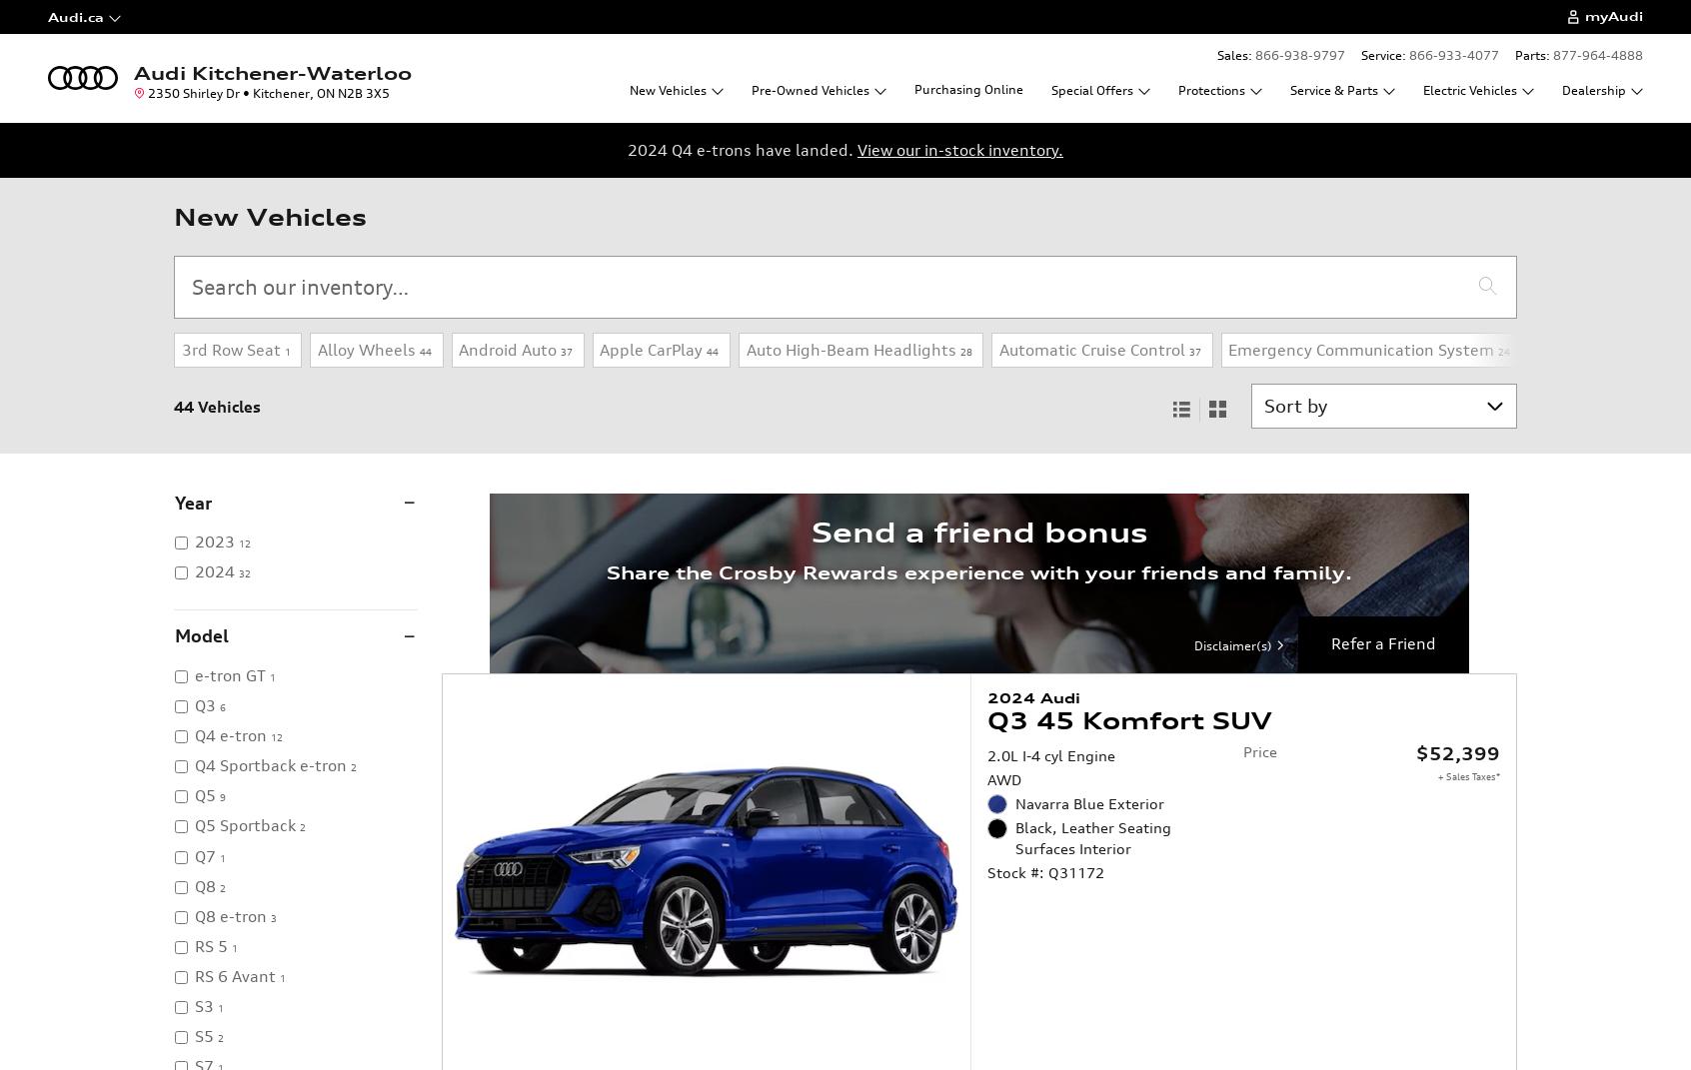  I want to click on 'Apple CarPlay', so click(651, 348).